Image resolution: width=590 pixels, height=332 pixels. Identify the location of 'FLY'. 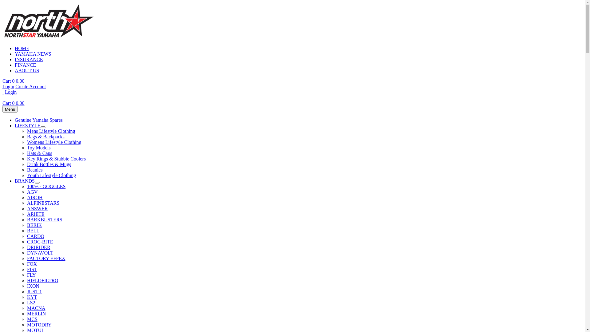
(31, 275).